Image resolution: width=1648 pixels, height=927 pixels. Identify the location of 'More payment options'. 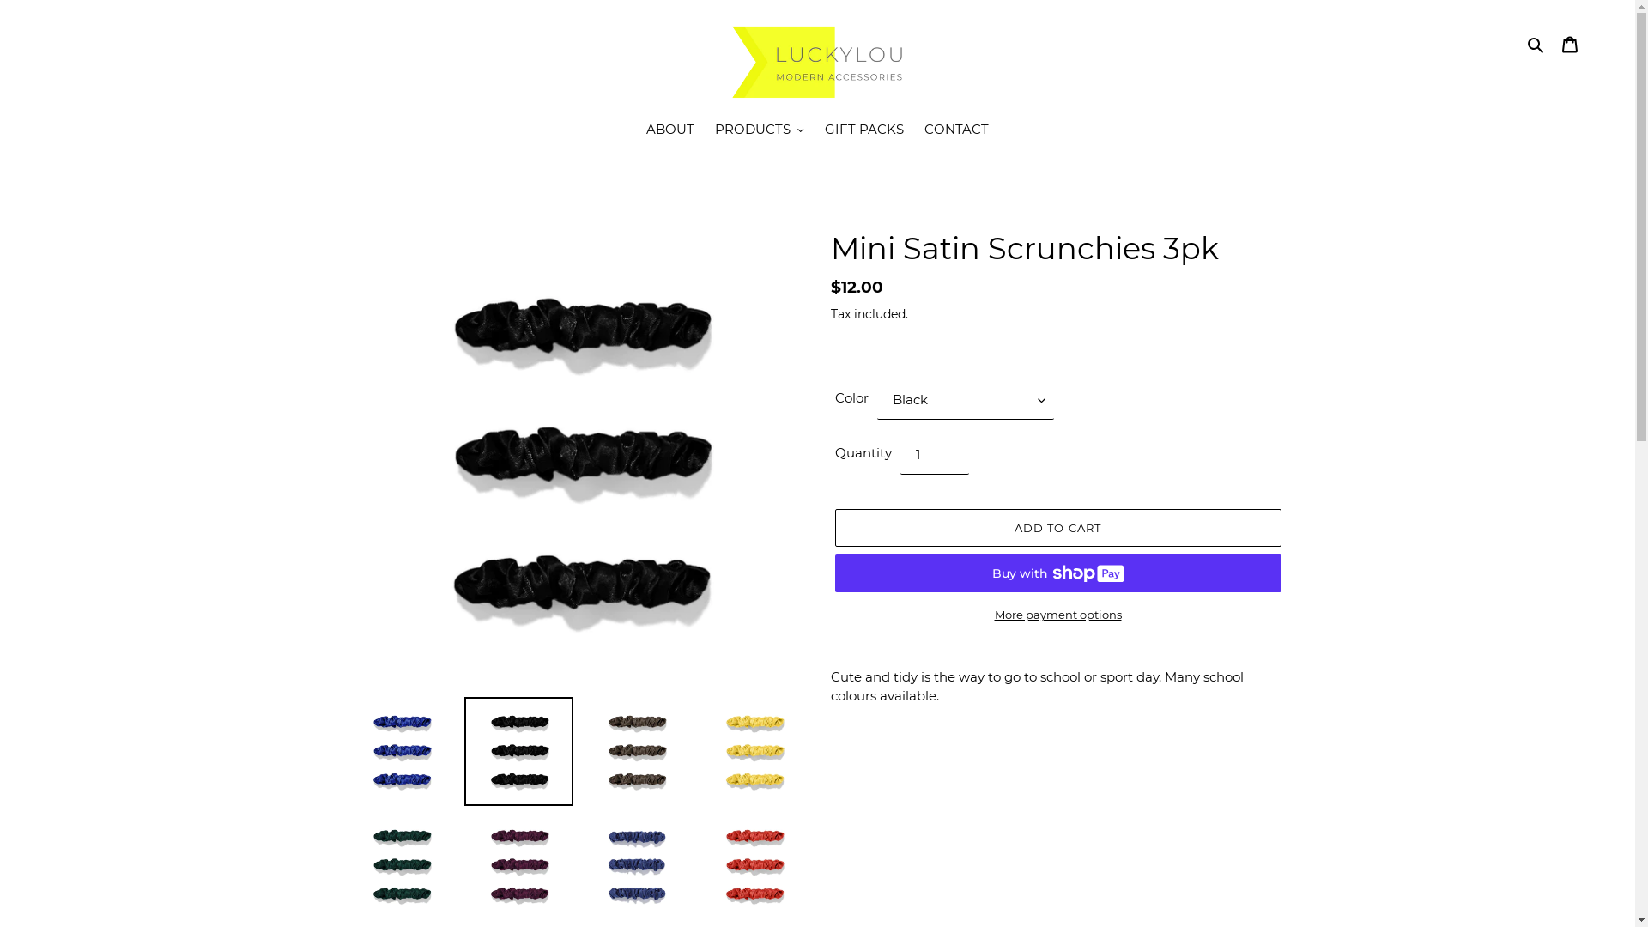
(1057, 615).